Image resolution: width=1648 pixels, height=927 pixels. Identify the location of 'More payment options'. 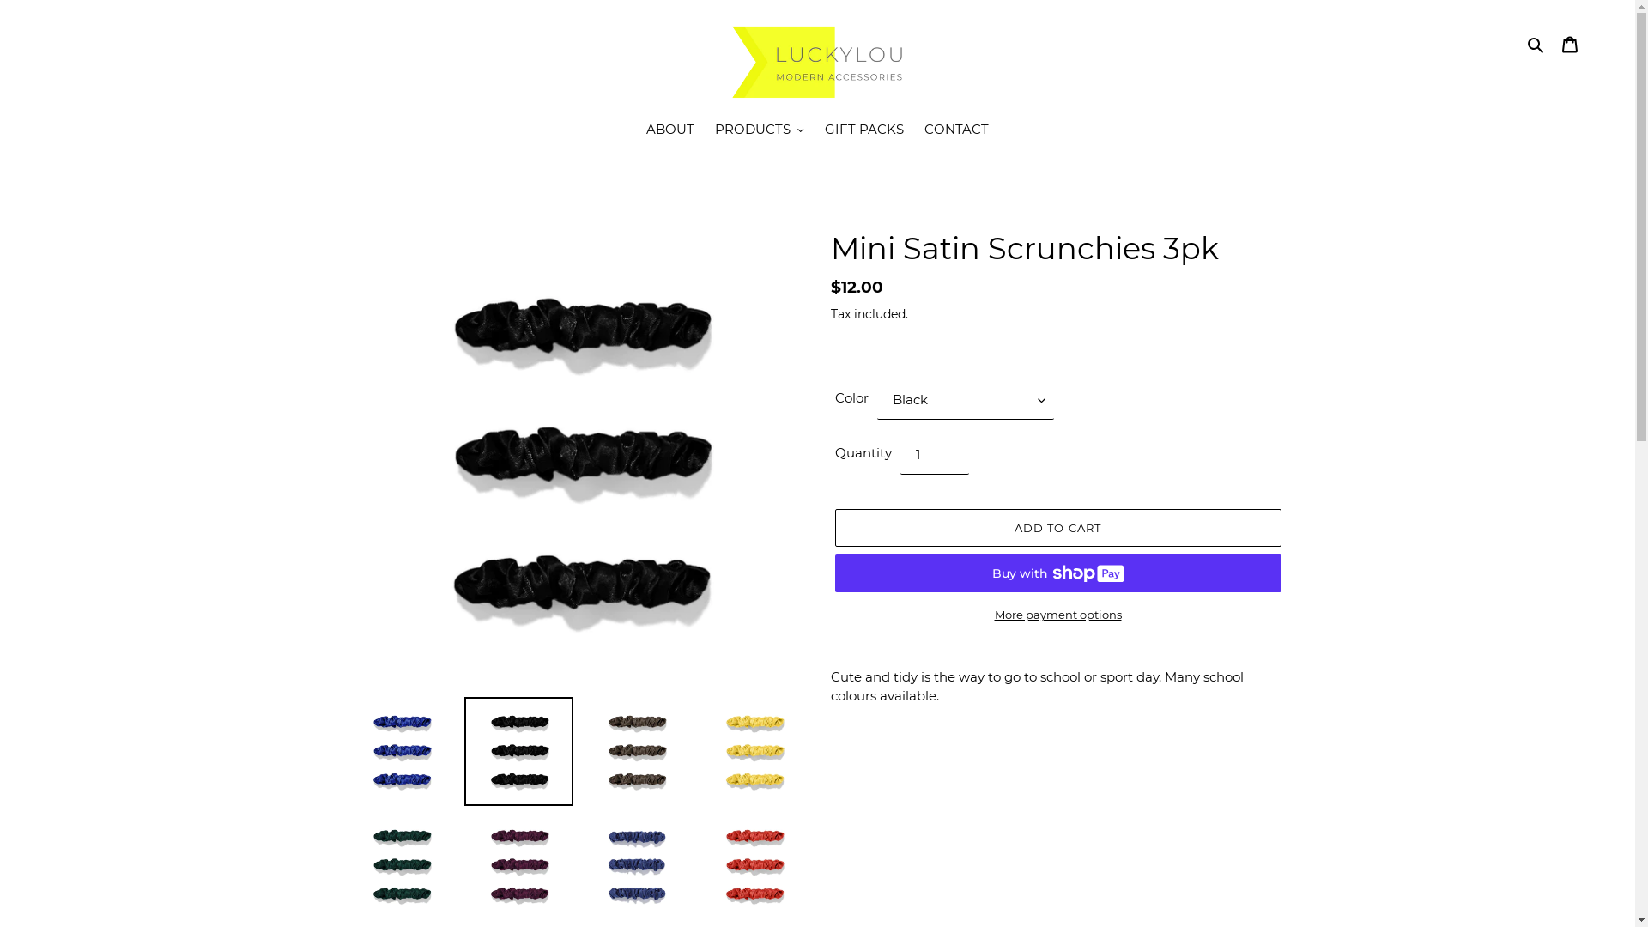
(1057, 615).